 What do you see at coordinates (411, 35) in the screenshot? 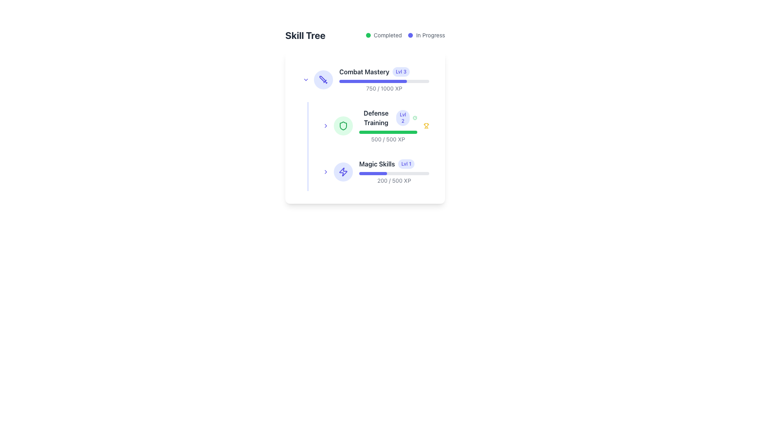
I see `the small circular indigo indicator located to the left of the text label 'In Progress'` at bounding box center [411, 35].